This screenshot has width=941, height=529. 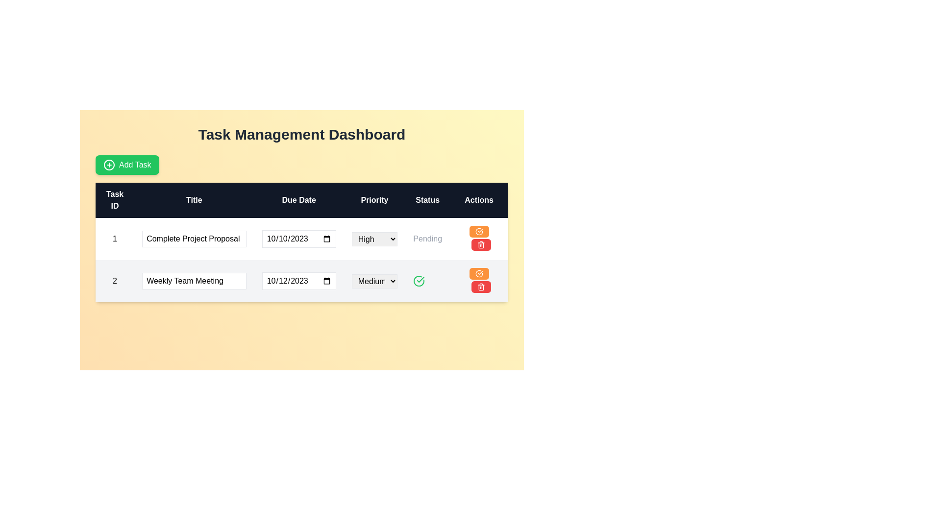 I want to click on the trash can icon with a red circular background in the 'Actions' column of the task table, so click(x=481, y=244).